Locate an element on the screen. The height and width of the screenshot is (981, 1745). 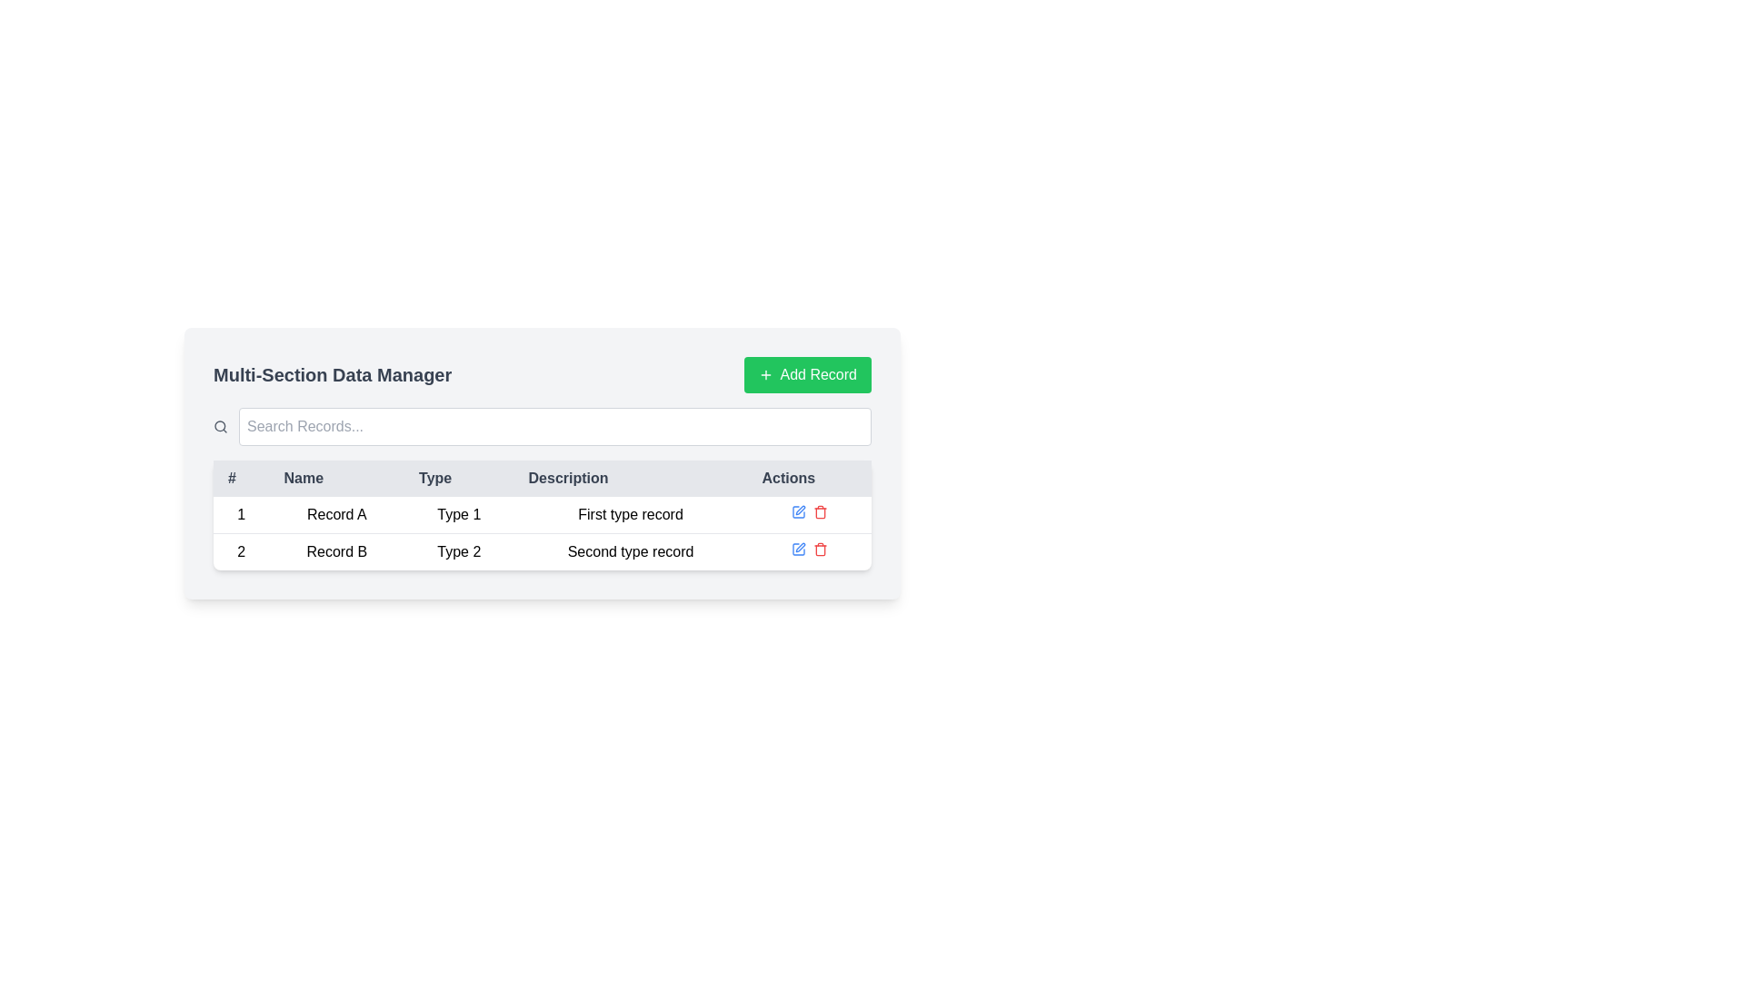
the small red trash can icon located at the far-right of the second row in the 'Actions' column of the data table is located at coordinates (819, 511).